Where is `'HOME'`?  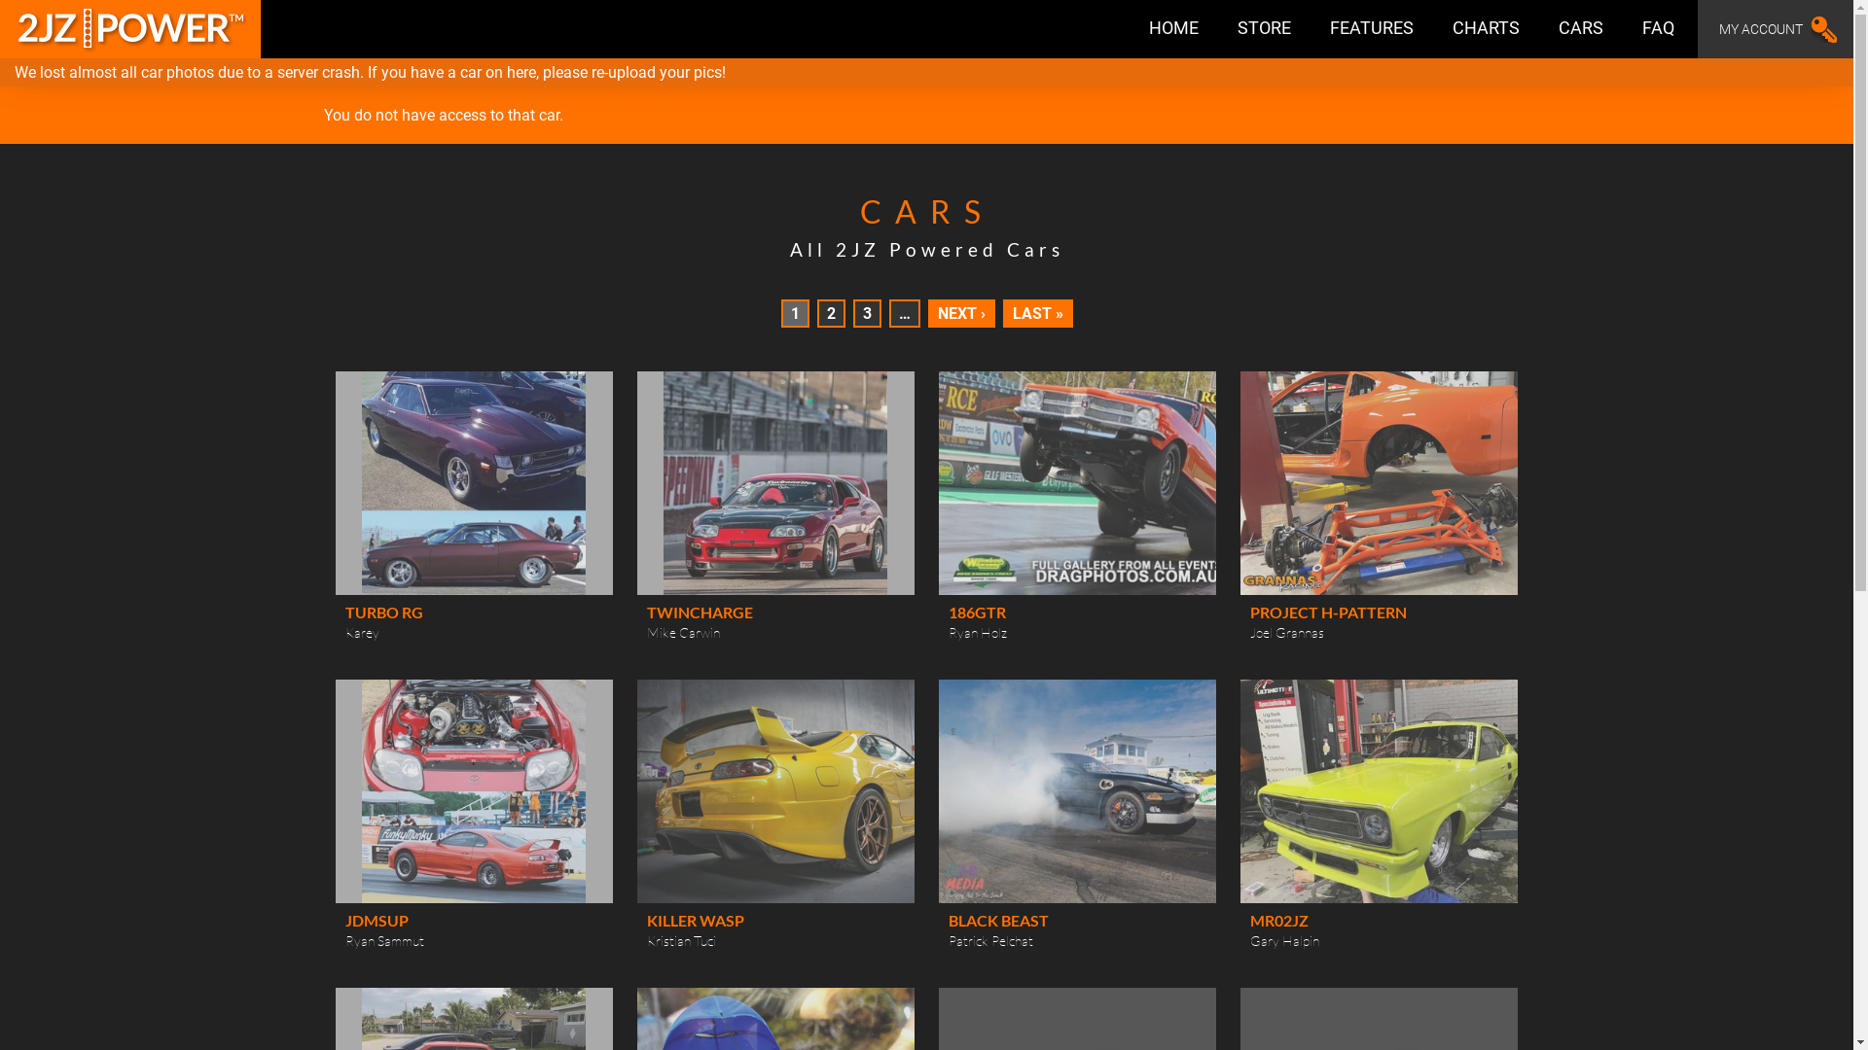
'HOME' is located at coordinates (1172, 29).